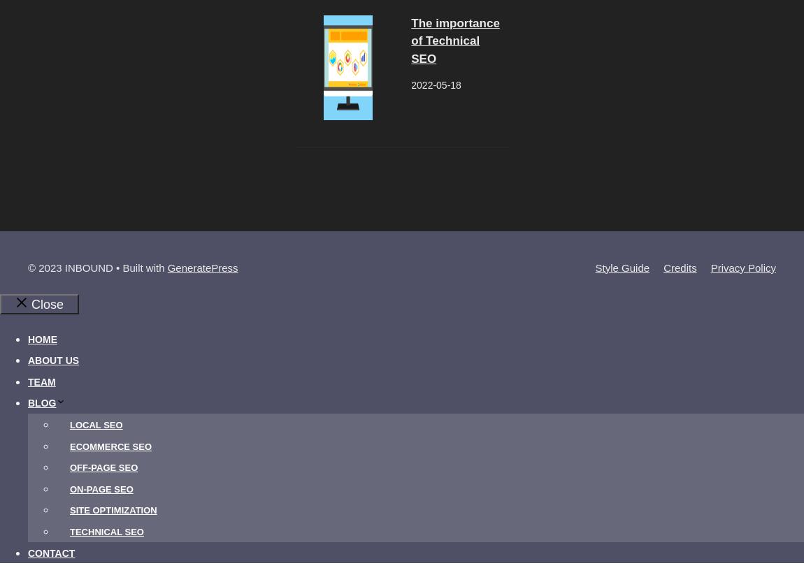 The width and height of the screenshot is (804, 575). I want to click on '© 2023 INBOUND • Built with', so click(96, 266).